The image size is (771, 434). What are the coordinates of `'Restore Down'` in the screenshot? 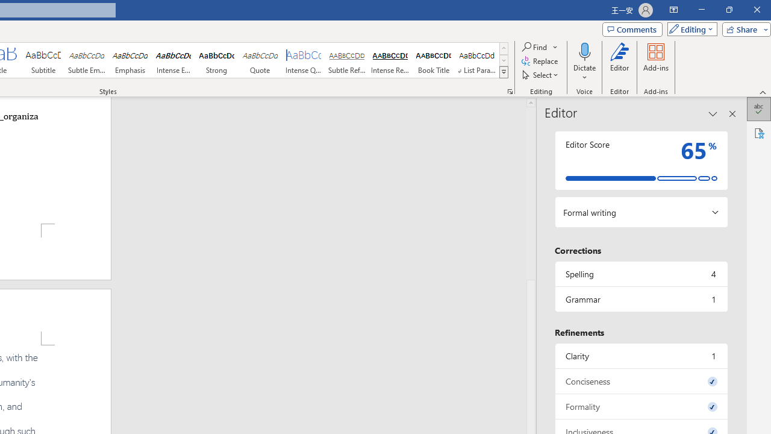 It's located at (728, 10).